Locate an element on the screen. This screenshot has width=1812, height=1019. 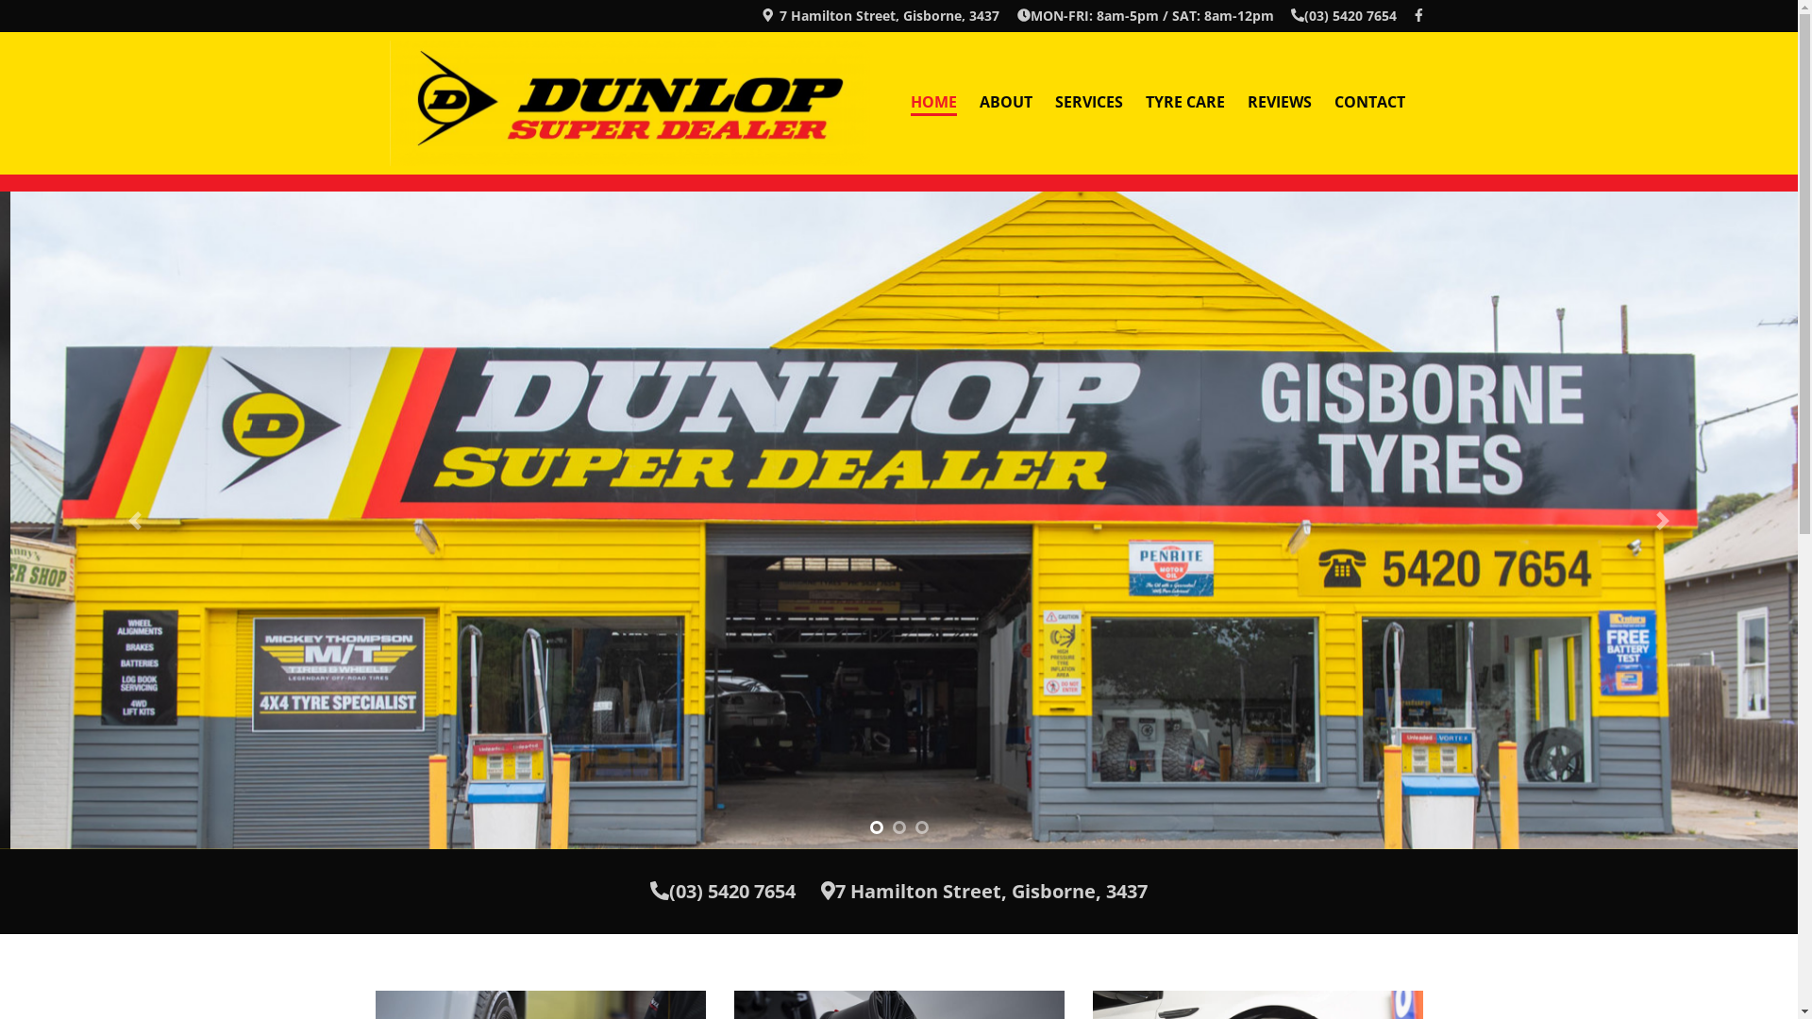
'HOME' is located at coordinates (932, 103).